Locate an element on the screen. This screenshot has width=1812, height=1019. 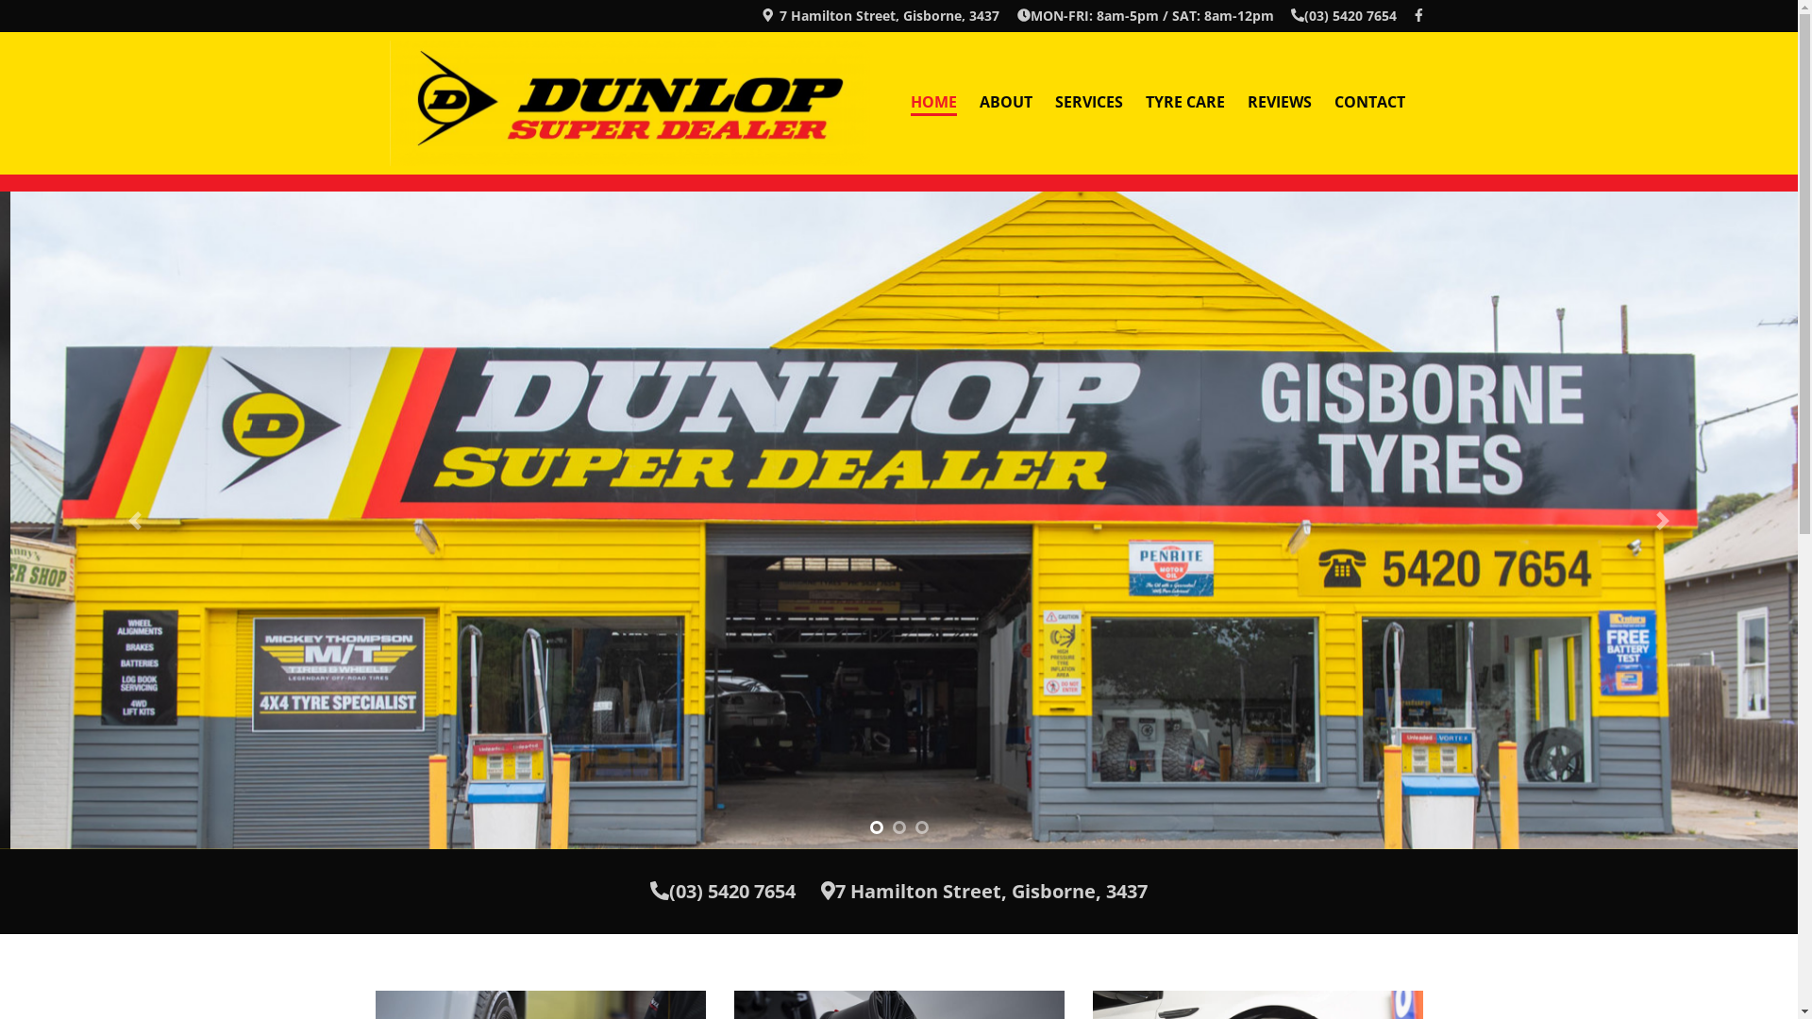
'HOME' is located at coordinates (932, 103).